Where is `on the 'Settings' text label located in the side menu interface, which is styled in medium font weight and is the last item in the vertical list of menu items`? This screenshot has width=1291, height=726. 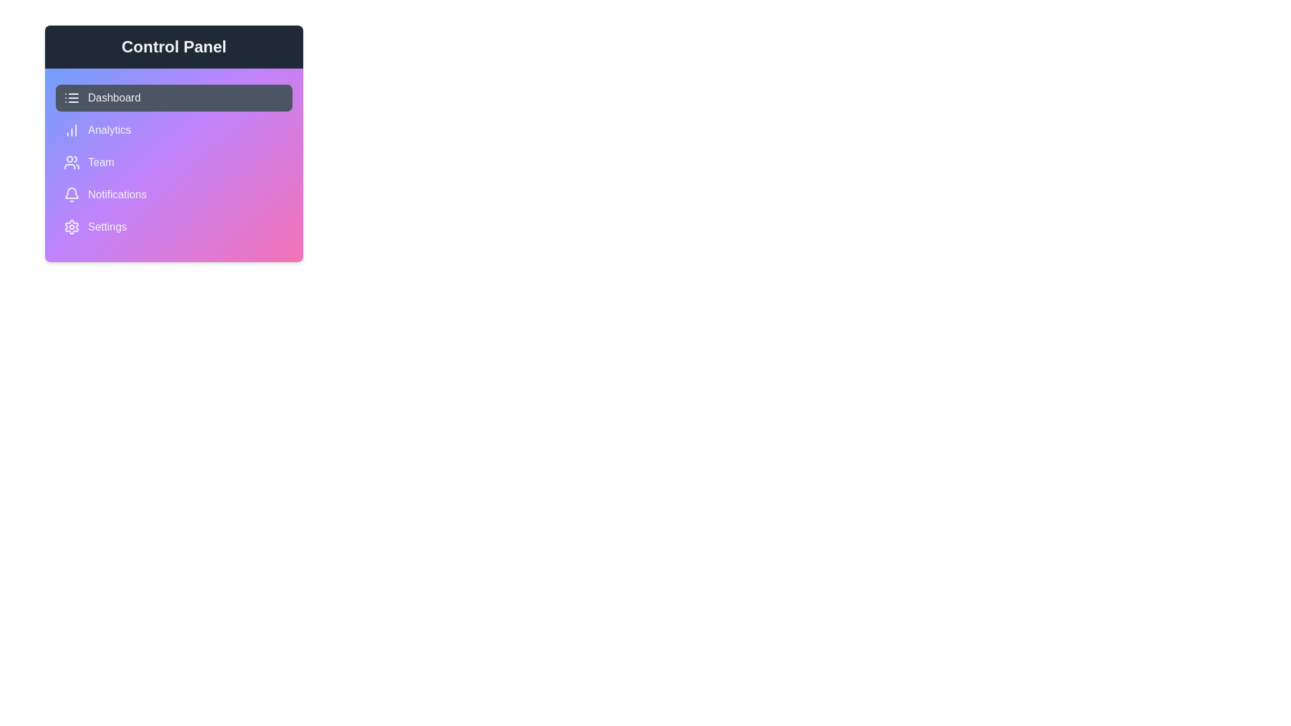 on the 'Settings' text label located in the side menu interface, which is styled in medium font weight and is the last item in the vertical list of menu items is located at coordinates (106, 227).